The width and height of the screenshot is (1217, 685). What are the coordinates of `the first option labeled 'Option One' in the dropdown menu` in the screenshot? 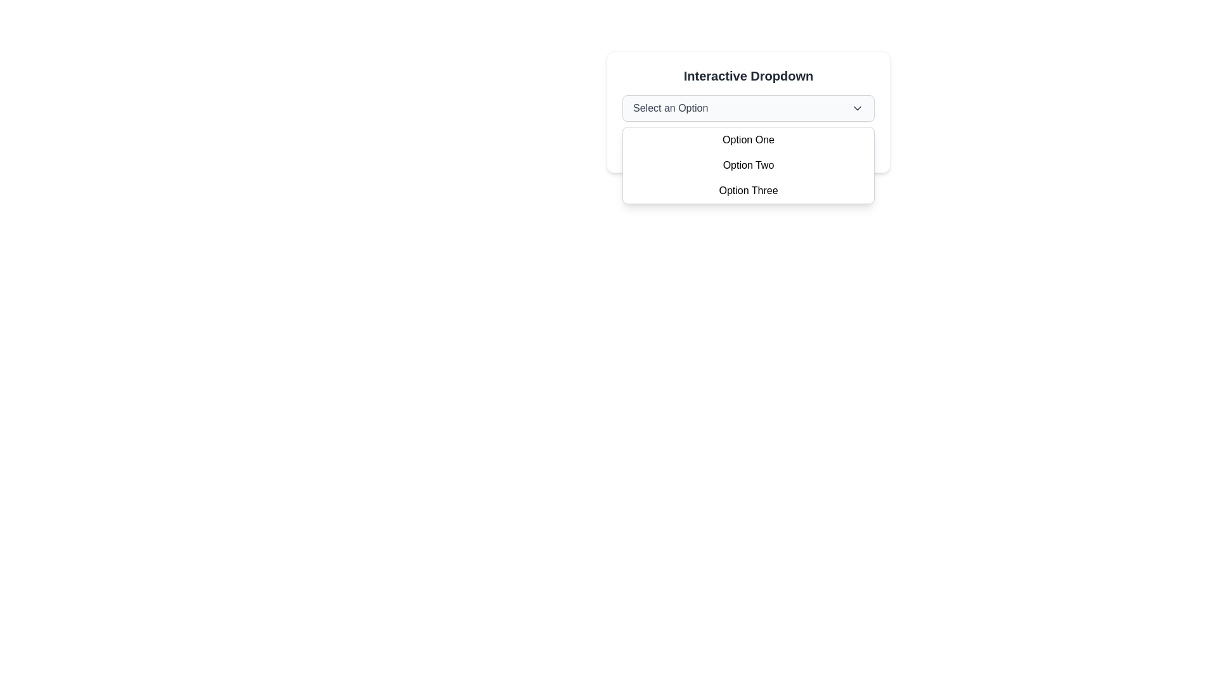 It's located at (748, 140).